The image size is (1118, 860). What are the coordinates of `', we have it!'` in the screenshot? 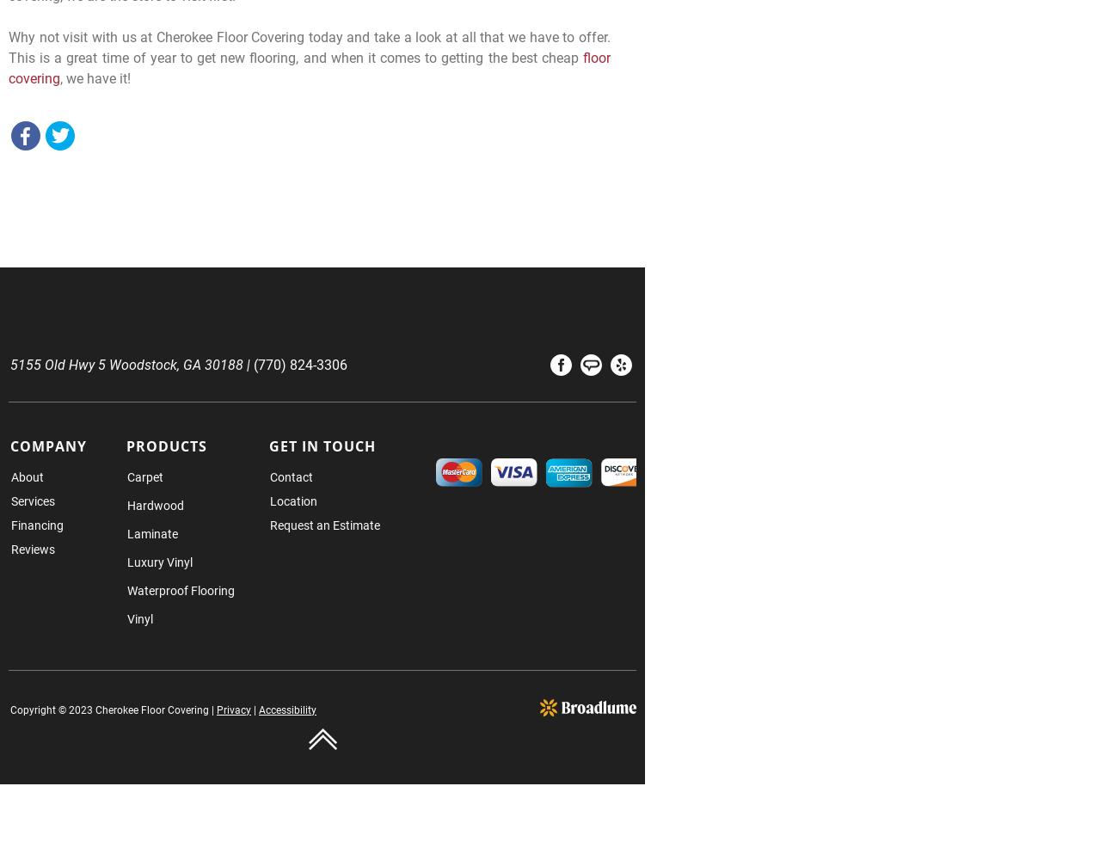 It's located at (95, 77).